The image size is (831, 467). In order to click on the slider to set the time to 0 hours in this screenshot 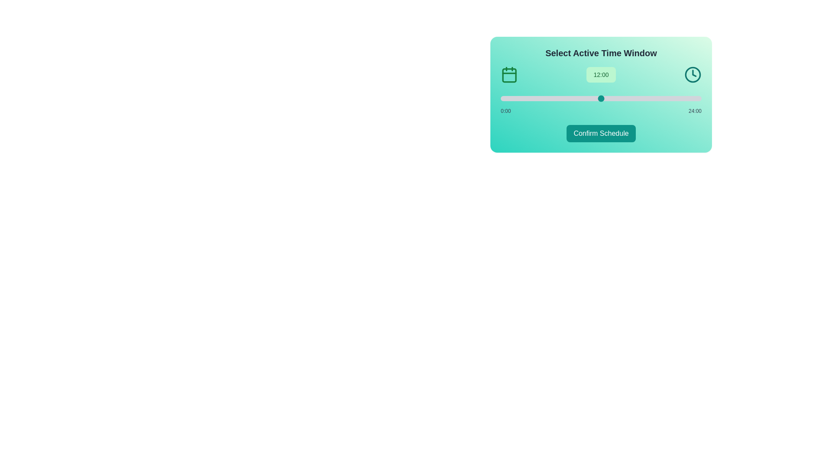, I will do `click(500, 98)`.